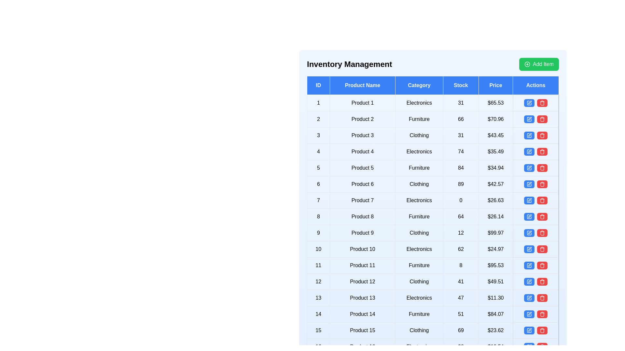 The image size is (625, 351). What do you see at coordinates (318, 85) in the screenshot?
I see `the header of the column to sort or filter the table by ID` at bounding box center [318, 85].